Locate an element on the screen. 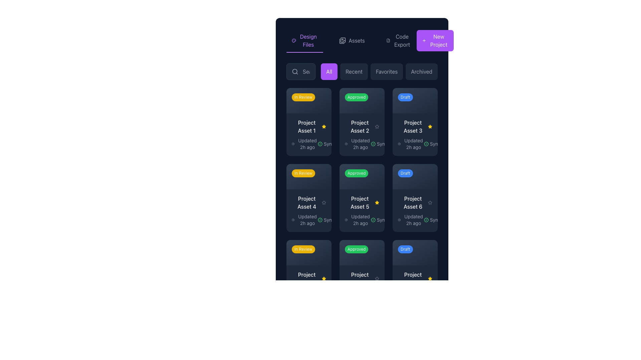 Image resolution: width=641 pixels, height=360 pixels. the Text display with an icon that indicates the last update time for the project located in the lower-left section of the 'Project Asset 5' card is located at coordinates (357, 220).